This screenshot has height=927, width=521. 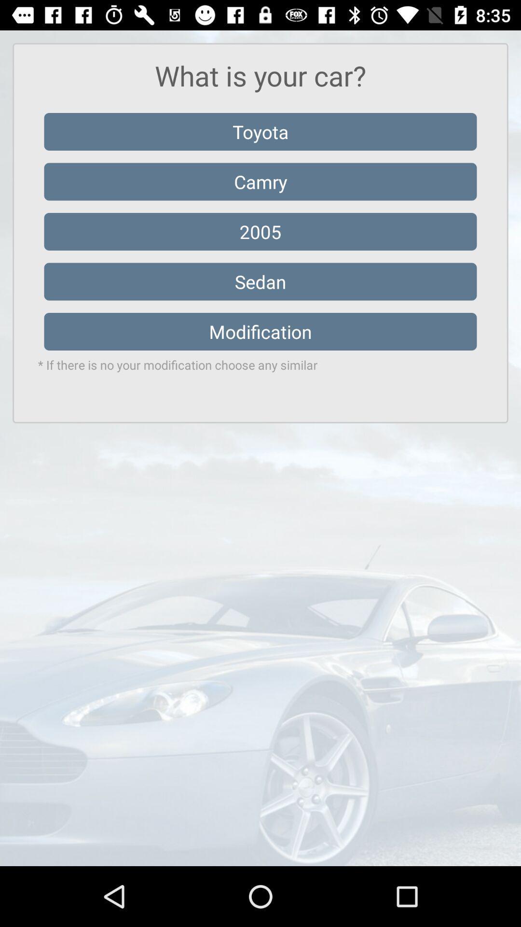 What do you see at coordinates (260, 182) in the screenshot?
I see `icon above the 2005 icon` at bounding box center [260, 182].